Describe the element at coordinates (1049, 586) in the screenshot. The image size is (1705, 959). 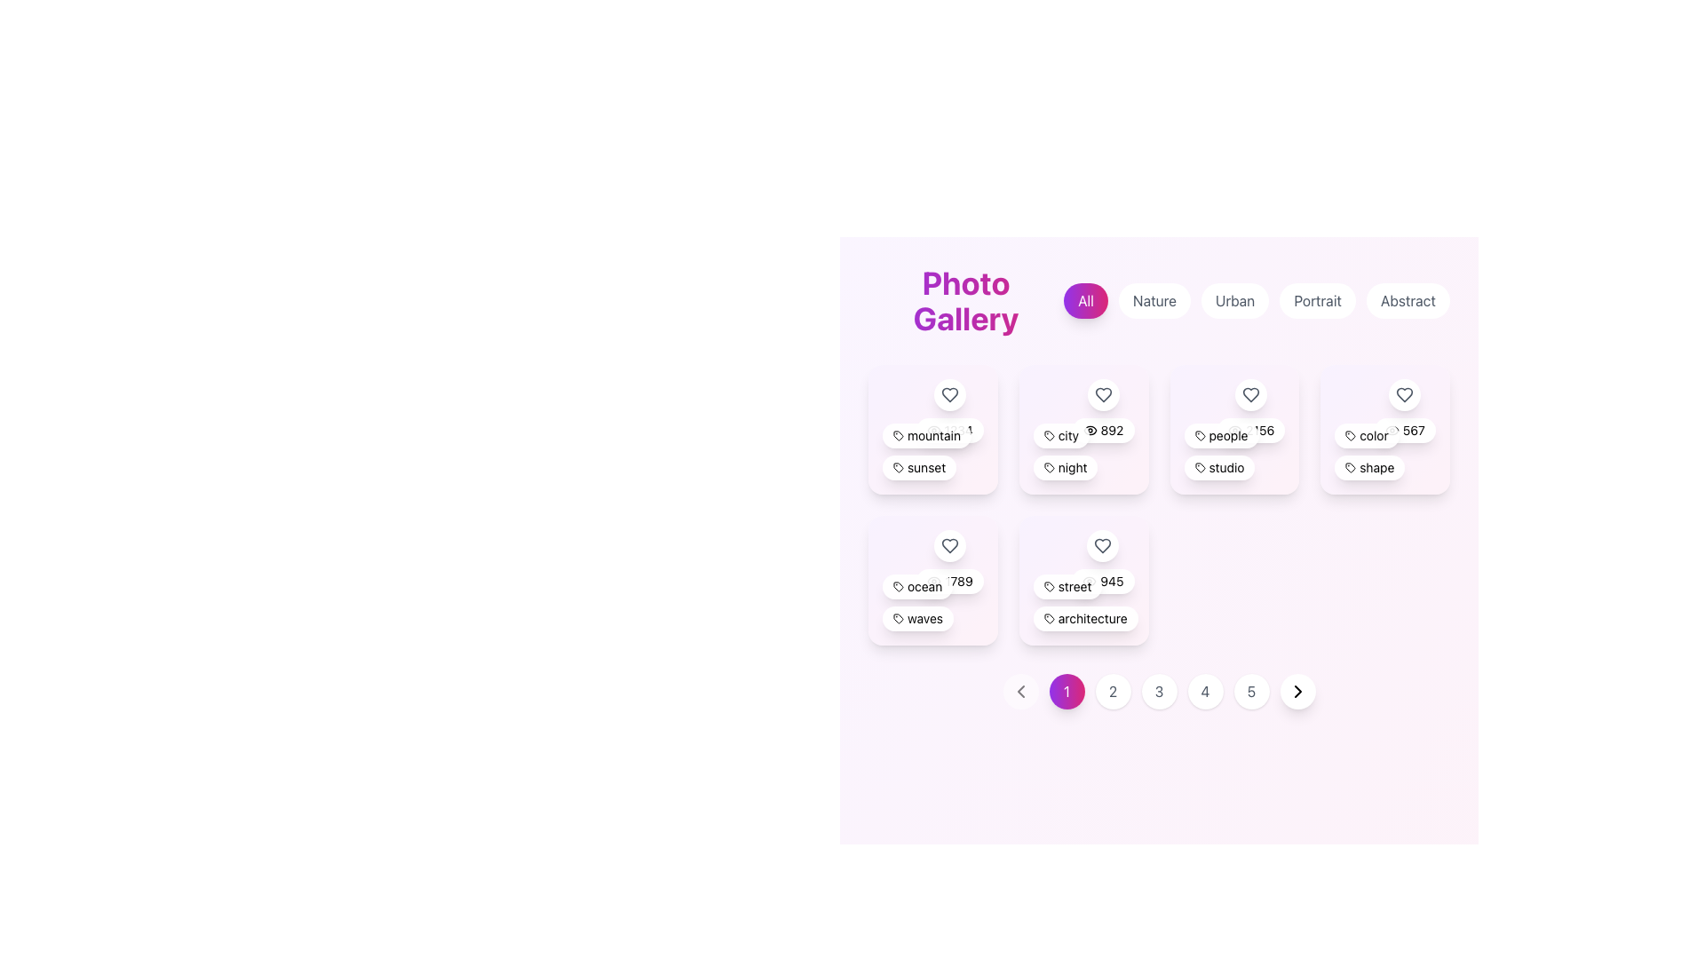
I see `the tag-shaped icon with a circular cutout, which is located near the upper-left corner of the label containing the text 'street' and the number '945'` at that location.